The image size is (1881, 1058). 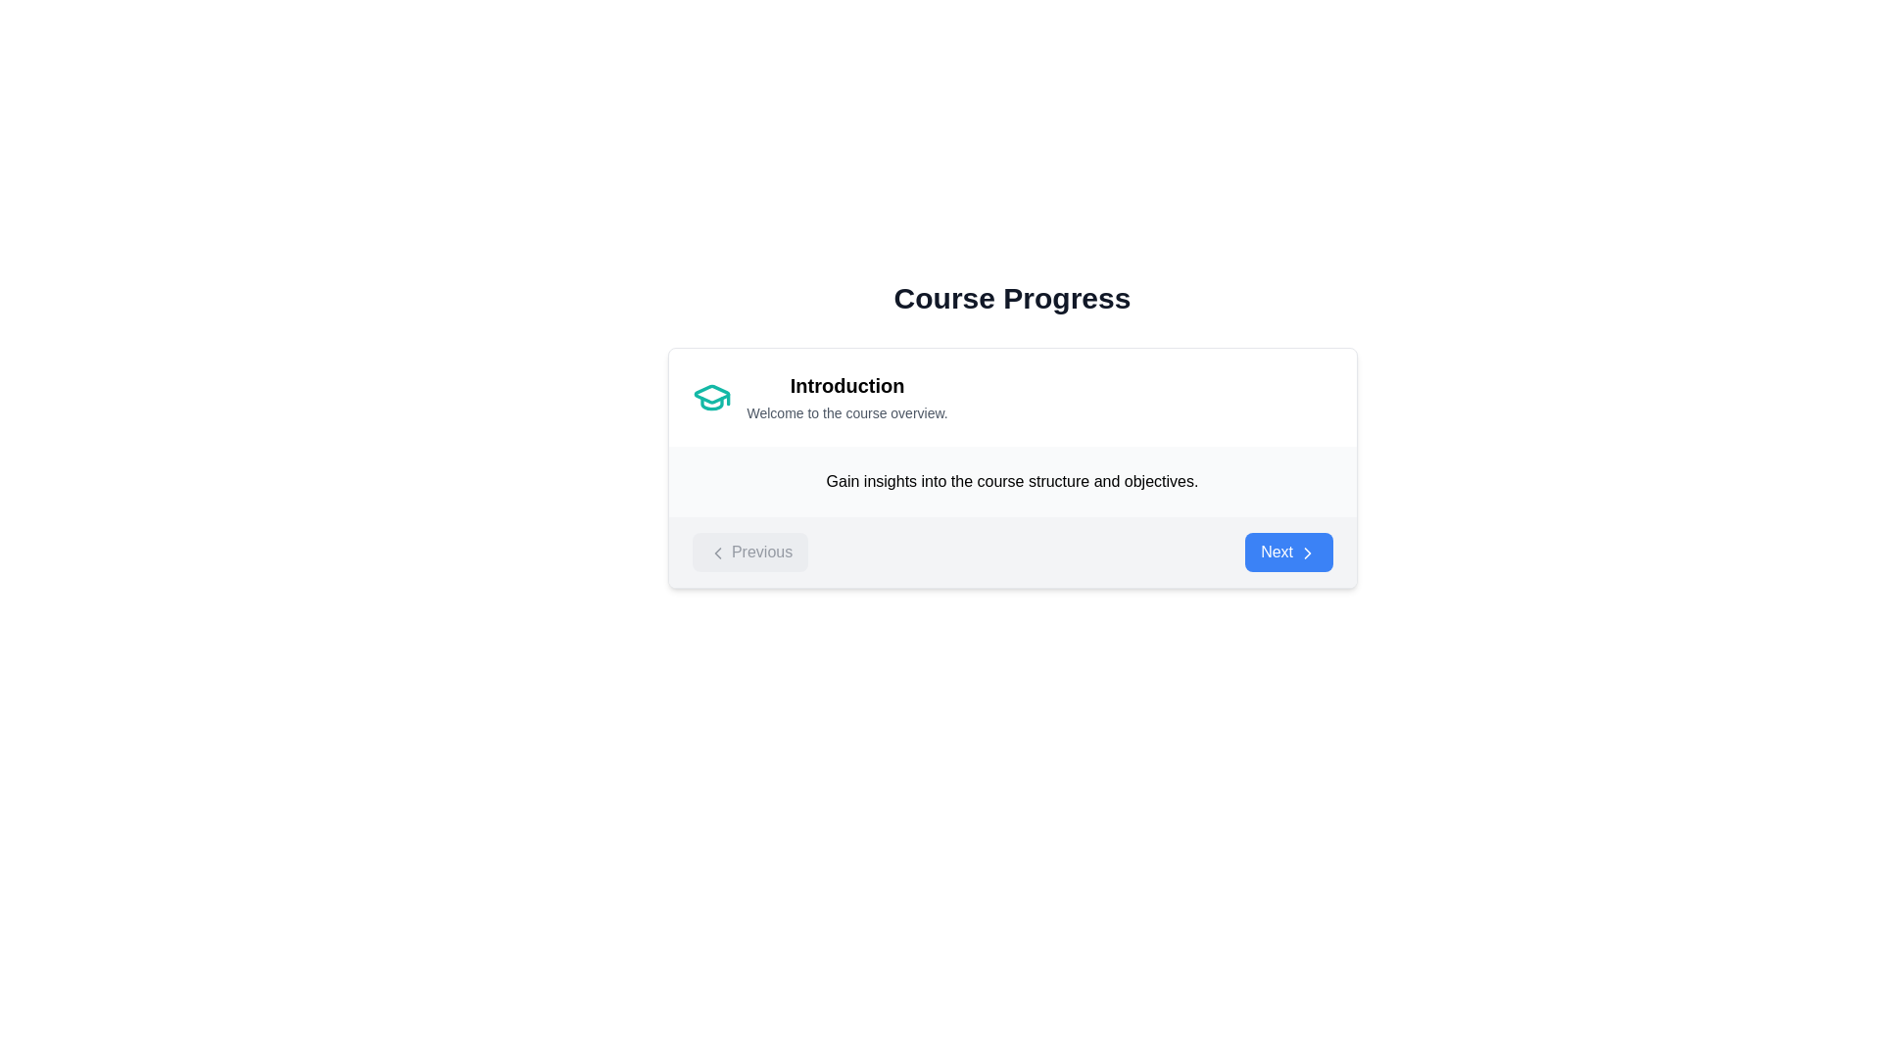 I want to click on the backward navigation icon located inside the 'Previous' button, which is positioned to the left of the text 'Previous', so click(x=716, y=553).